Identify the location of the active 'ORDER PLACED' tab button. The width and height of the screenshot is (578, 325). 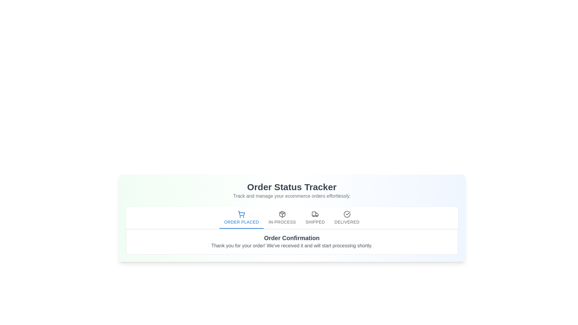
(241, 218).